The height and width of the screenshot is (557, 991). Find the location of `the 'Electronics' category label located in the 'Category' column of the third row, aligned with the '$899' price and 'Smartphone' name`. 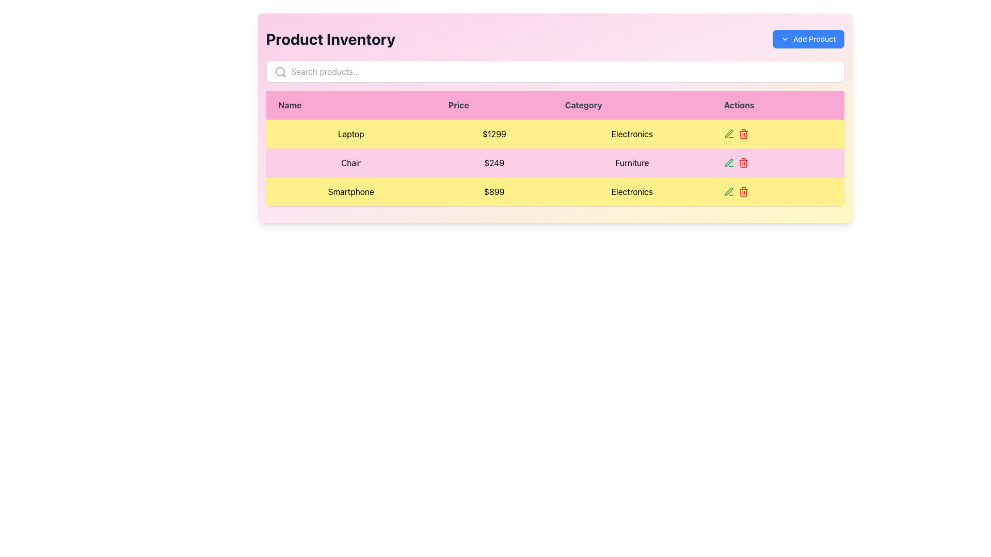

the 'Electronics' category label located in the 'Category' column of the third row, aligned with the '$899' price and 'Smartphone' name is located at coordinates (631, 191).